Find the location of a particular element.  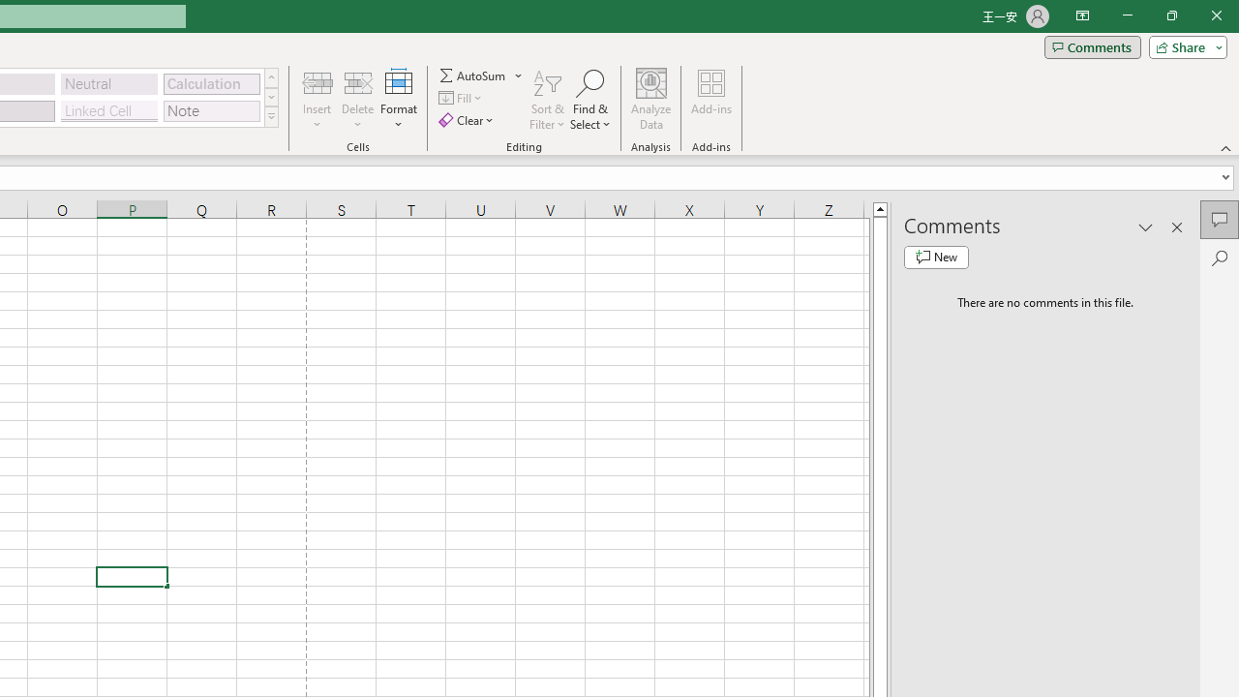

'Clear' is located at coordinates (468, 120).